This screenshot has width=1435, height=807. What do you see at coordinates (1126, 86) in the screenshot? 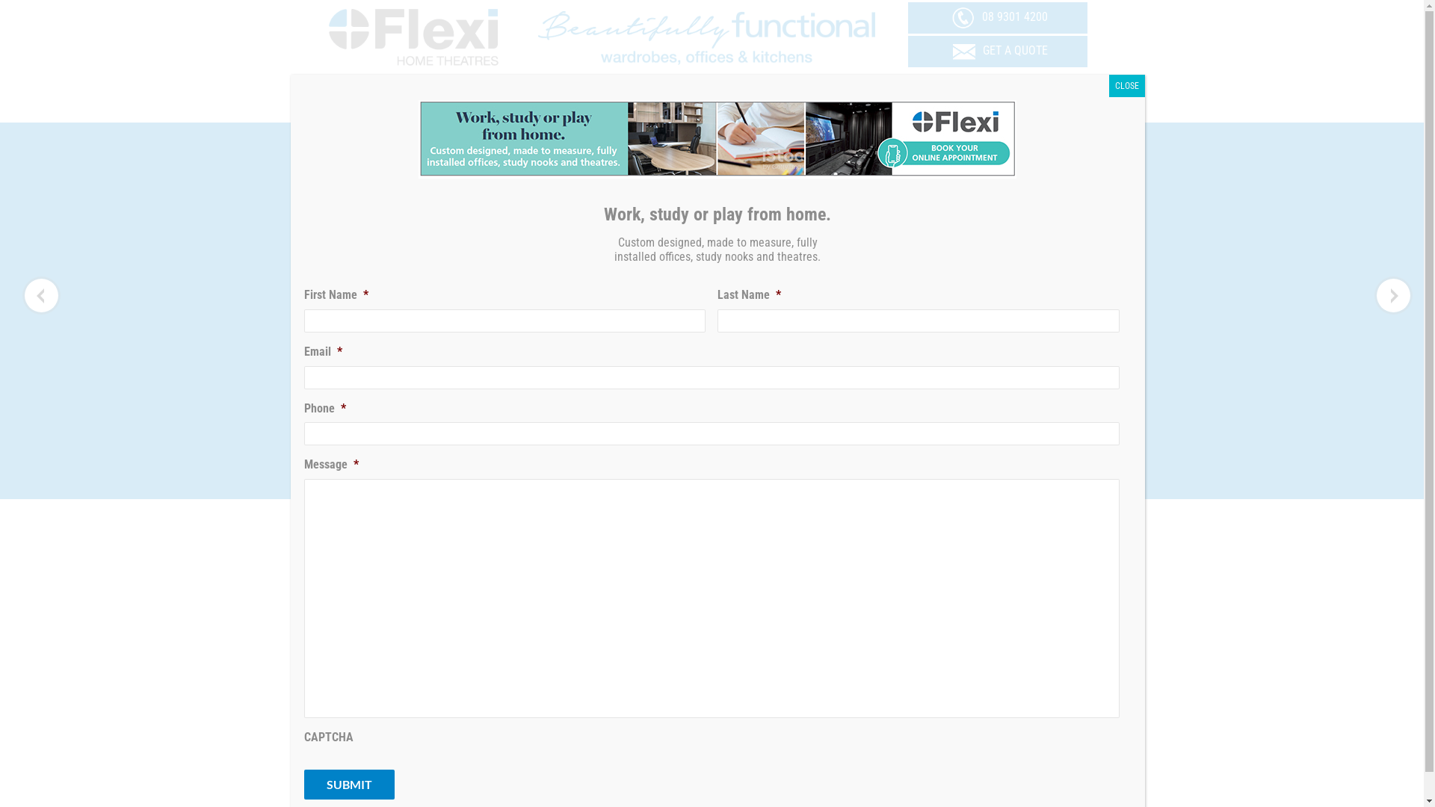
I see `'CLOSE'` at bounding box center [1126, 86].